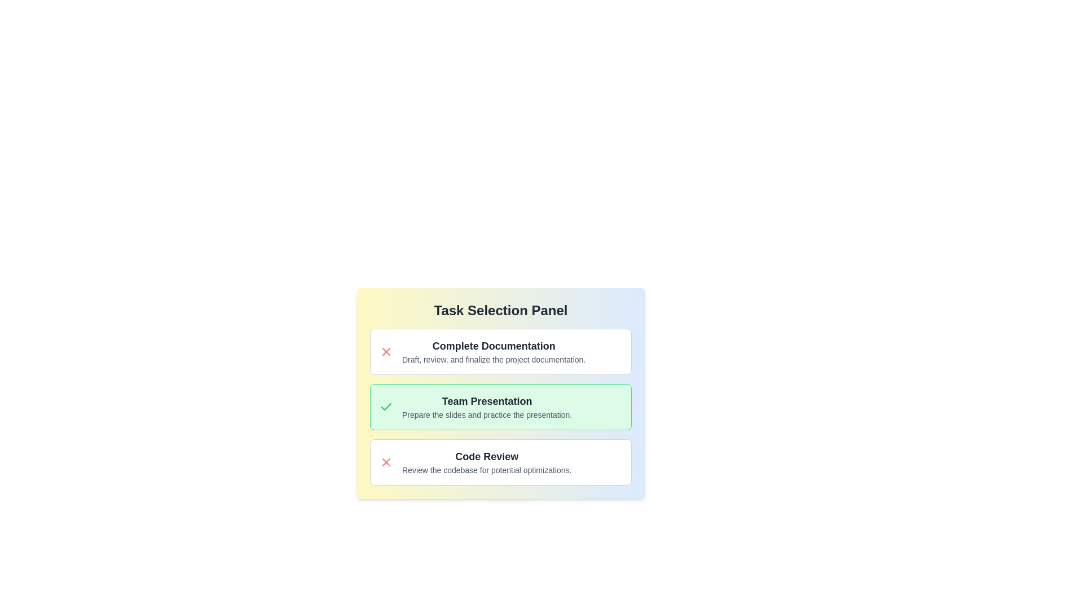 This screenshot has width=1083, height=609. What do you see at coordinates (494, 351) in the screenshot?
I see `the informative label displaying 'Complete Documentation' which describes the task of drafting, reviewing, and finalizing project documentation` at bounding box center [494, 351].